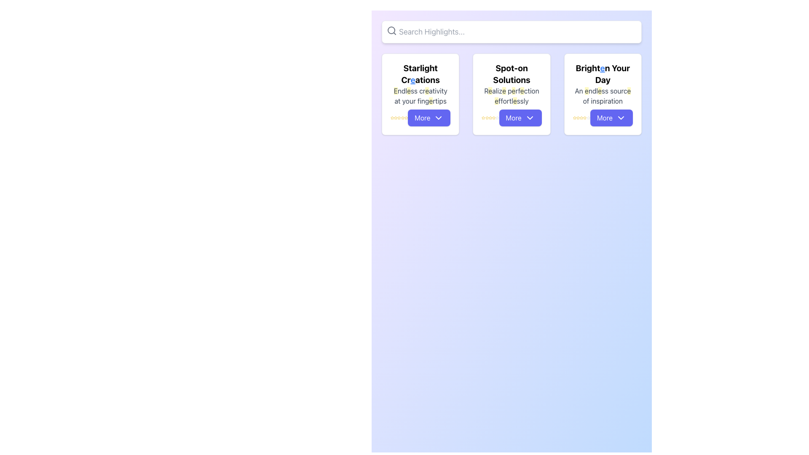 The height and width of the screenshot is (455, 809). What do you see at coordinates (402, 118) in the screenshot?
I see `the fifth yellow star icon in the rating system located near the bottom left of the 'Starlight Creations' card` at bounding box center [402, 118].